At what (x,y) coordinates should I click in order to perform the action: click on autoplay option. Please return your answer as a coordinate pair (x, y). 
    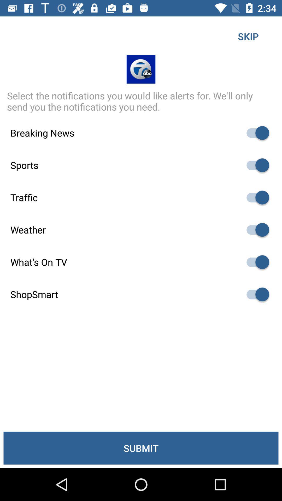
    Looking at the image, I should click on (255, 230).